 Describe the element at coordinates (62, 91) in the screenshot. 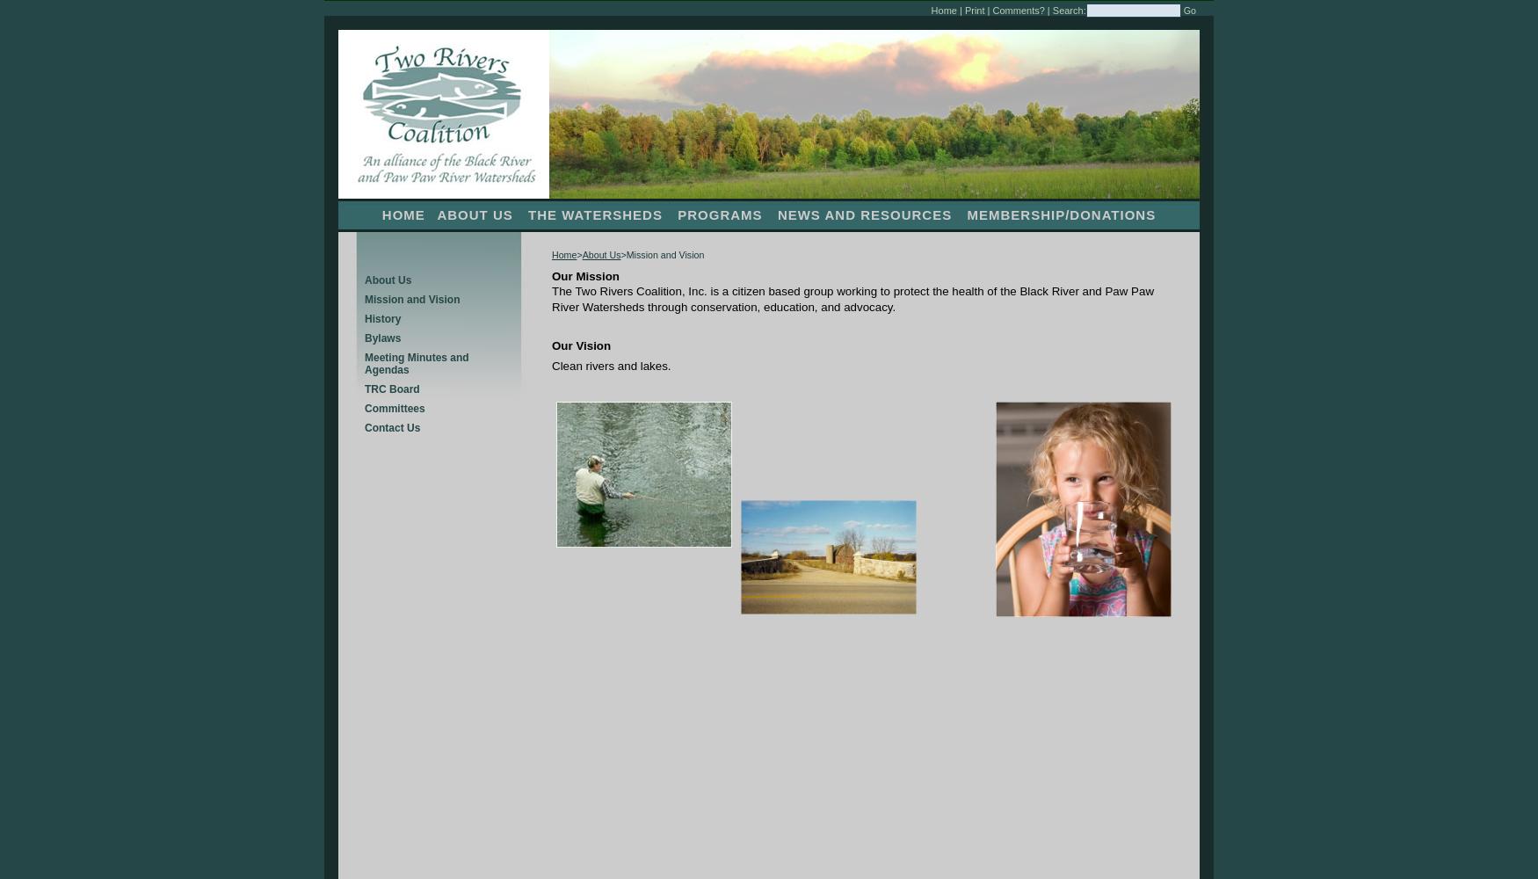

I see `'27-Aug-11 Paddle (Map)'` at that location.